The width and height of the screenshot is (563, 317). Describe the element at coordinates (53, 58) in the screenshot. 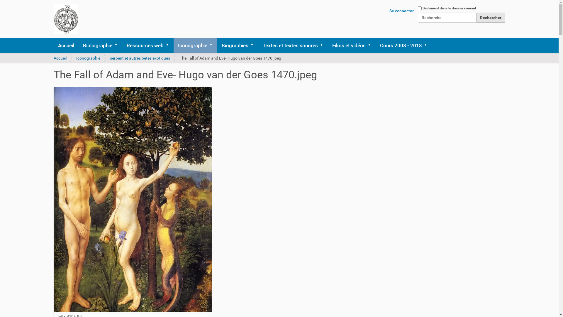

I see `'Accueil'` at that location.